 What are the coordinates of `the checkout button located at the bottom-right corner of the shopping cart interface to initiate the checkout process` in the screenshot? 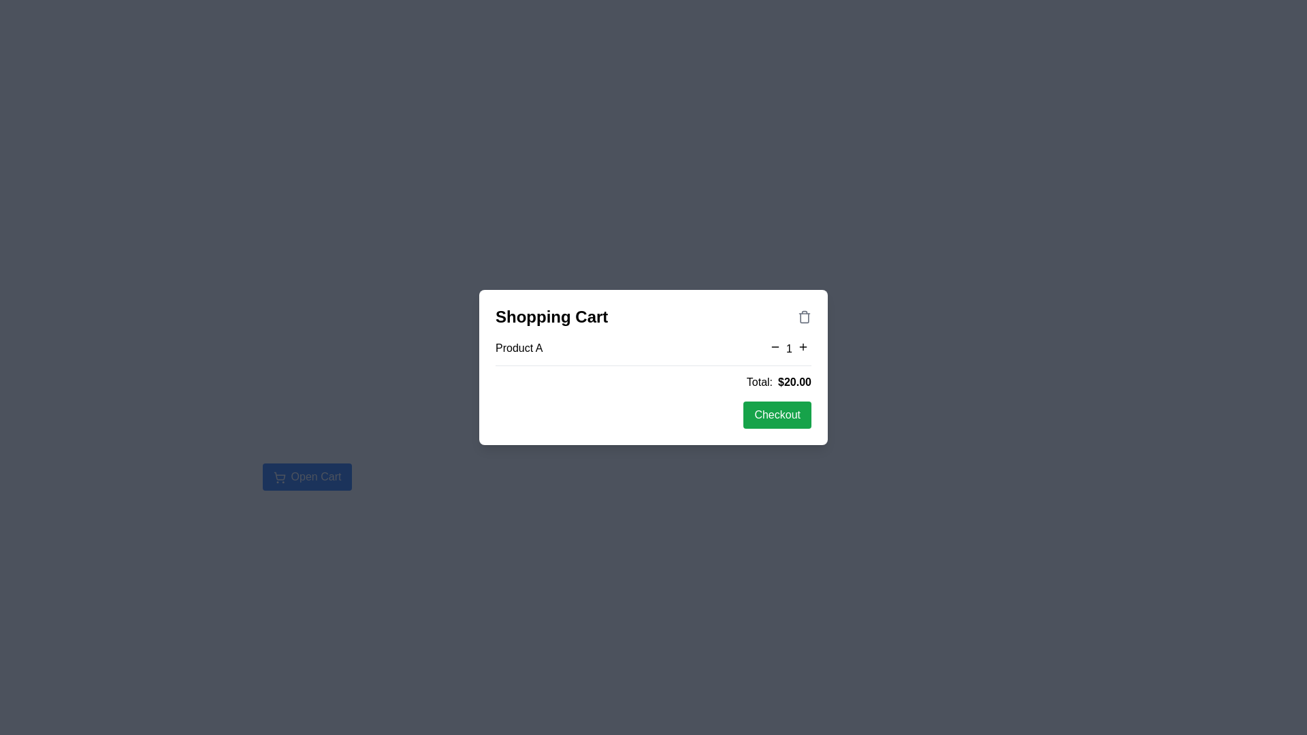 It's located at (777, 414).